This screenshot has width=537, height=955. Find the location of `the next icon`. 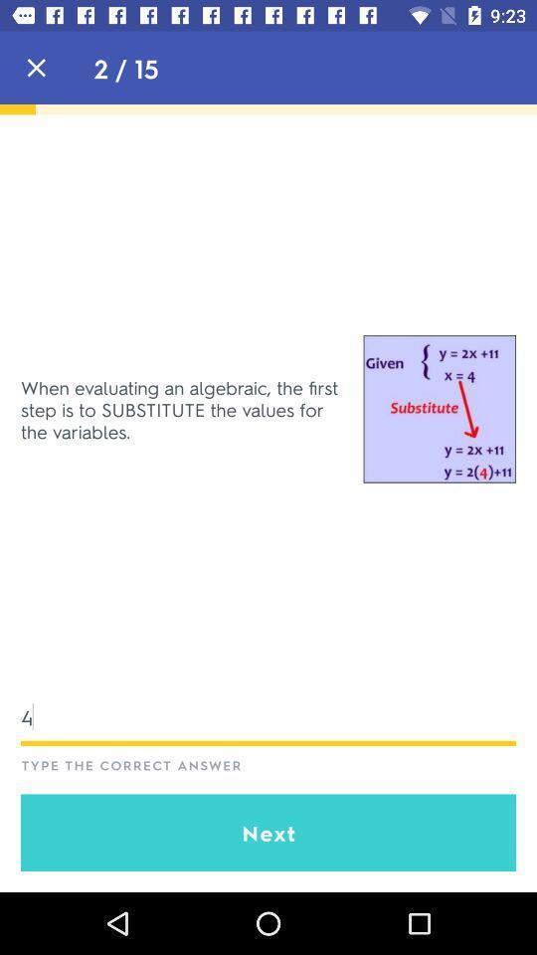

the next icon is located at coordinates (268, 833).